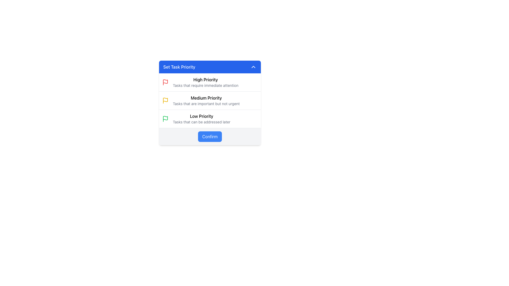 The height and width of the screenshot is (286, 509). What do you see at coordinates (201, 116) in the screenshot?
I see `the 'Low Priority' text label, which signifies a lower priority option in the priority selection list, located above the text 'Tasks that can be addressed later.'` at bounding box center [201, 116].